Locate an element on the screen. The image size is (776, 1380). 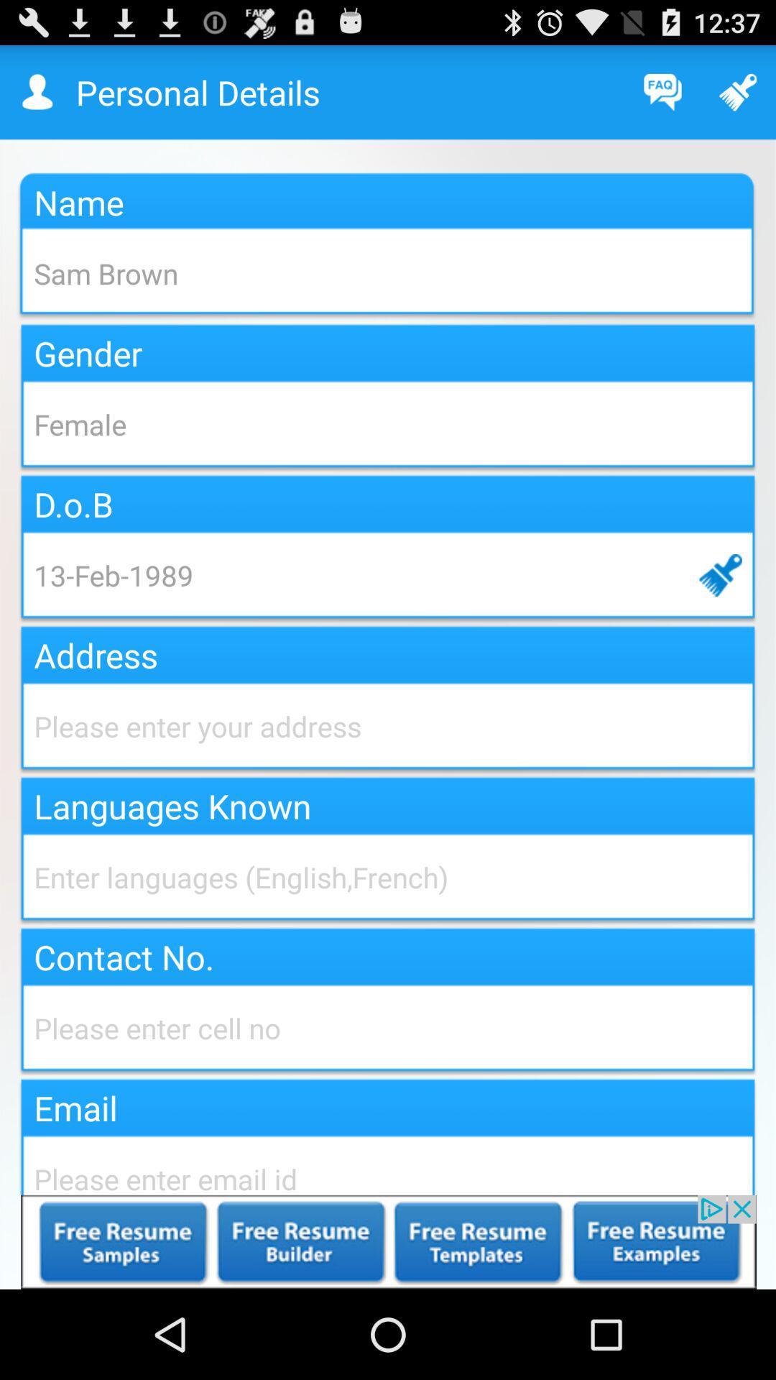
frequently asked question is located at coordinates (662, 91).